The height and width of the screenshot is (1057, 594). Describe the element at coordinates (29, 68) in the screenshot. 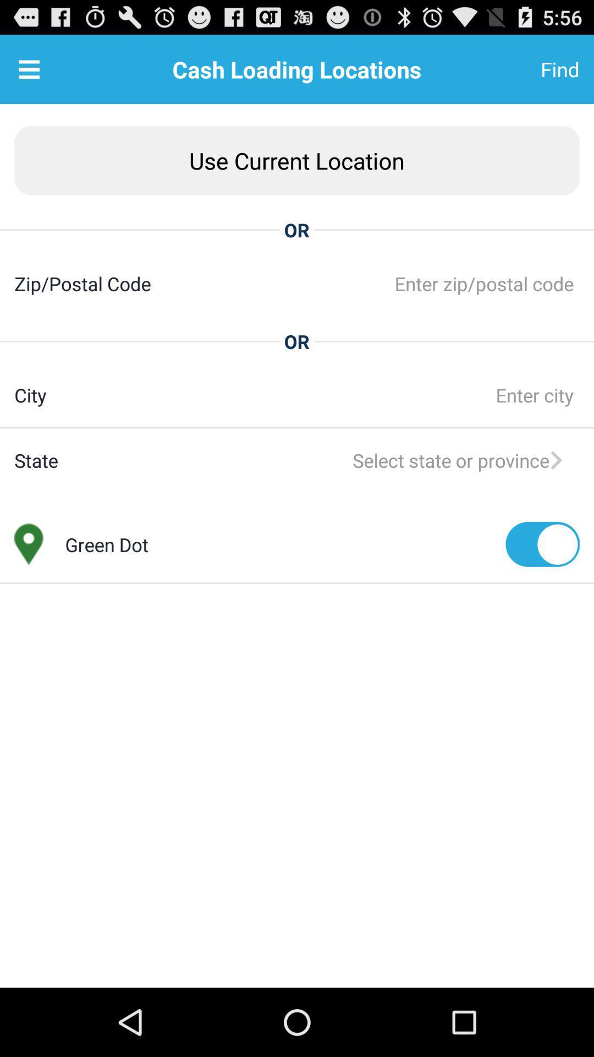

I see `item to the left of the cash loading locations` at that location.